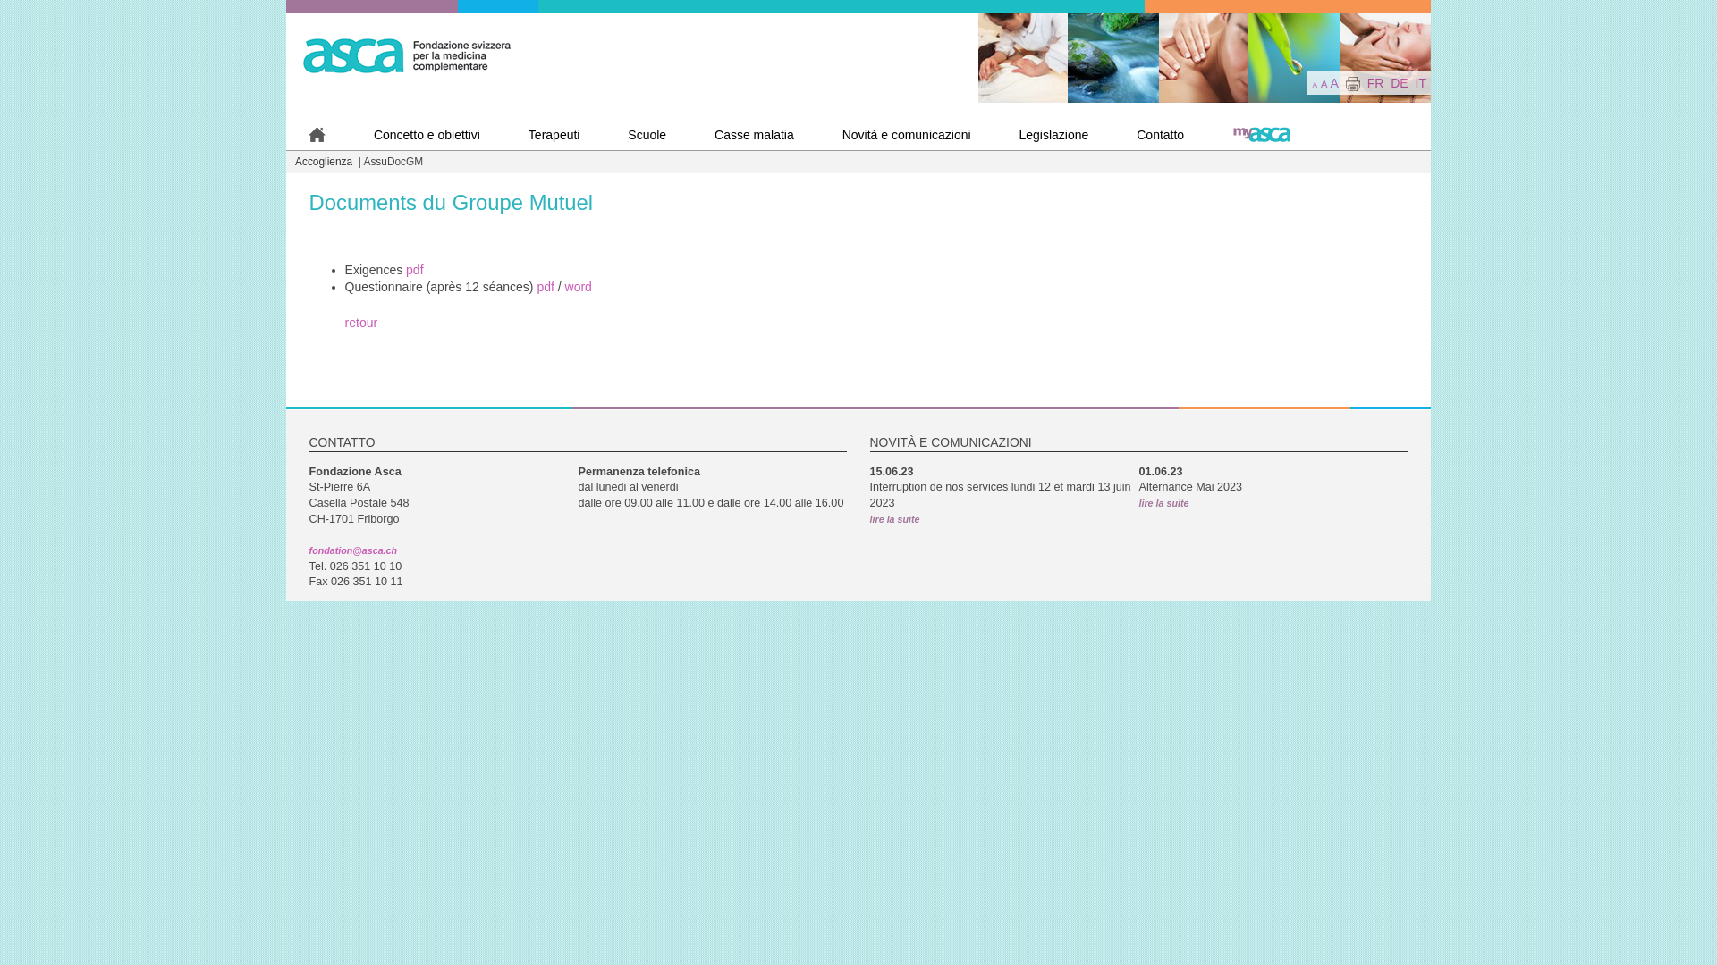 Image resolution: width=1717 pixels, height=965 pixels. What do you see at coordinates (360, 323) in the screenshot?
I see `'retour'` at bounding box center [360, 323].